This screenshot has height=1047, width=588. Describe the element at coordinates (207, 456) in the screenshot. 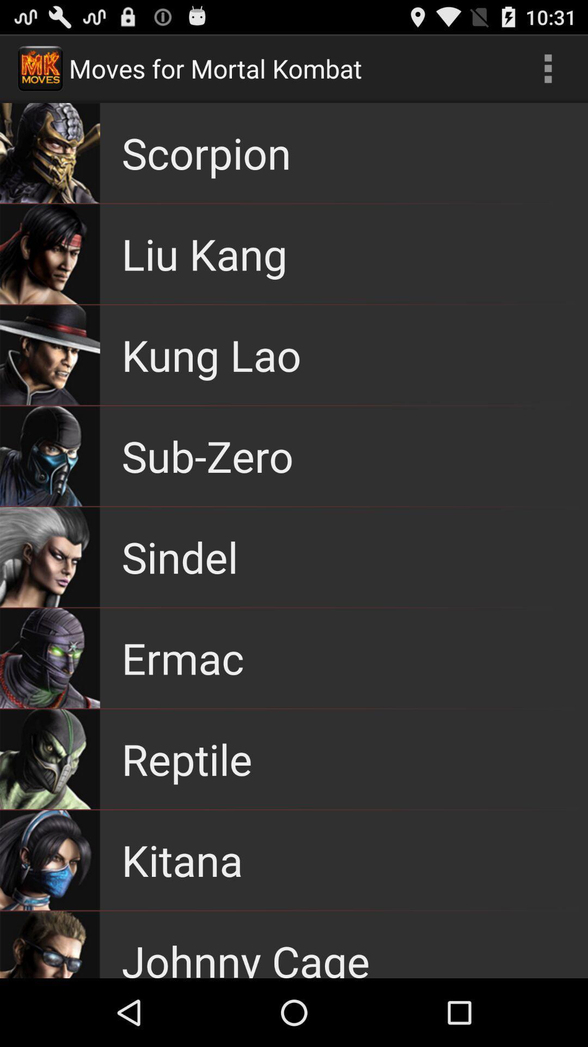

I see `the sub-zero item` at that location.